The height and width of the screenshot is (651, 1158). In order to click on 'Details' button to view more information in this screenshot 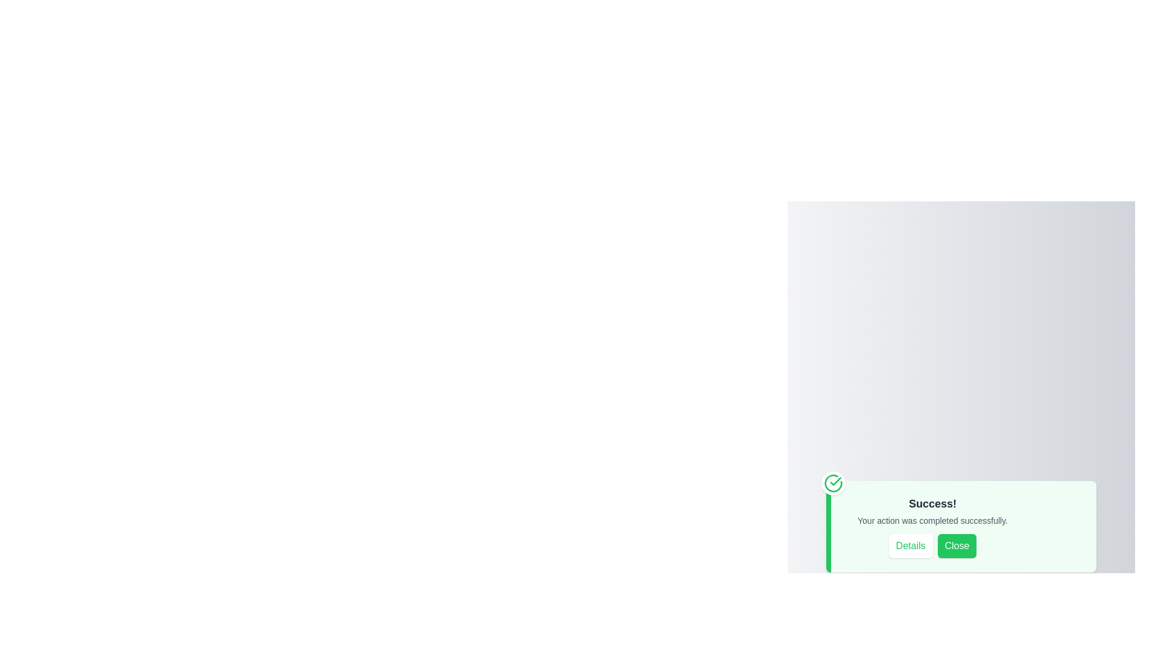, I will do `click(911, 546)`.